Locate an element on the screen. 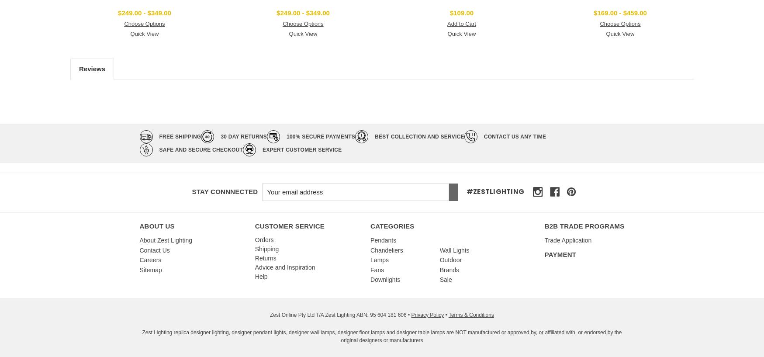  '30 Day Returns' is located at coordinates (243, 136).